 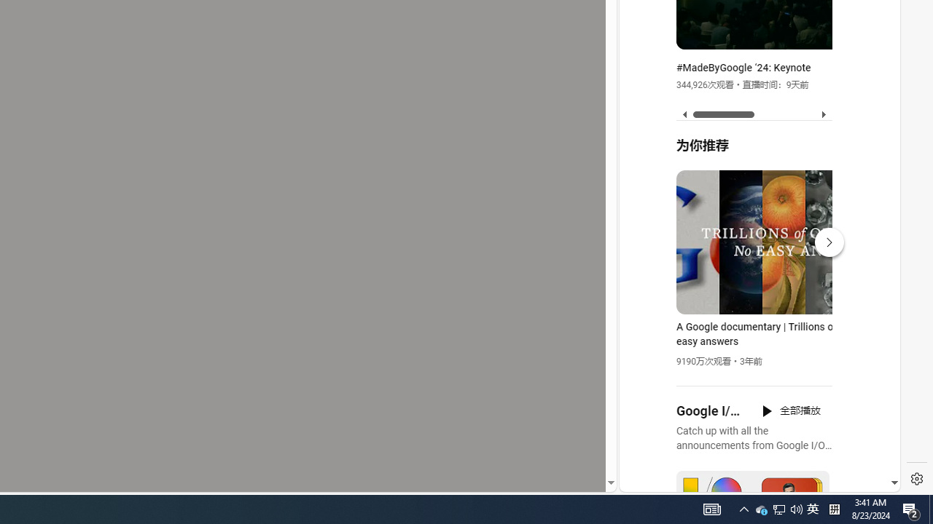 I want to click on 'Google I/O 2024', so click(x=710, y=411).